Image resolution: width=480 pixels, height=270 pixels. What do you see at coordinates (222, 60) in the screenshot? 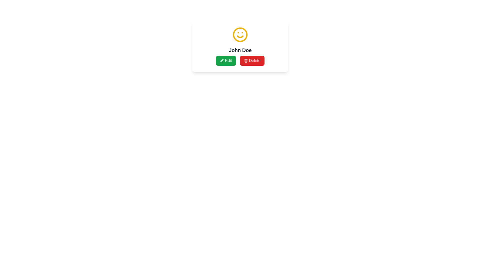
I see `the 'Edit' button, which is visually enhanced by an icon located to the left of the text 'Edit' within a green rounded rectangle button` at bounding box center [222, 60].